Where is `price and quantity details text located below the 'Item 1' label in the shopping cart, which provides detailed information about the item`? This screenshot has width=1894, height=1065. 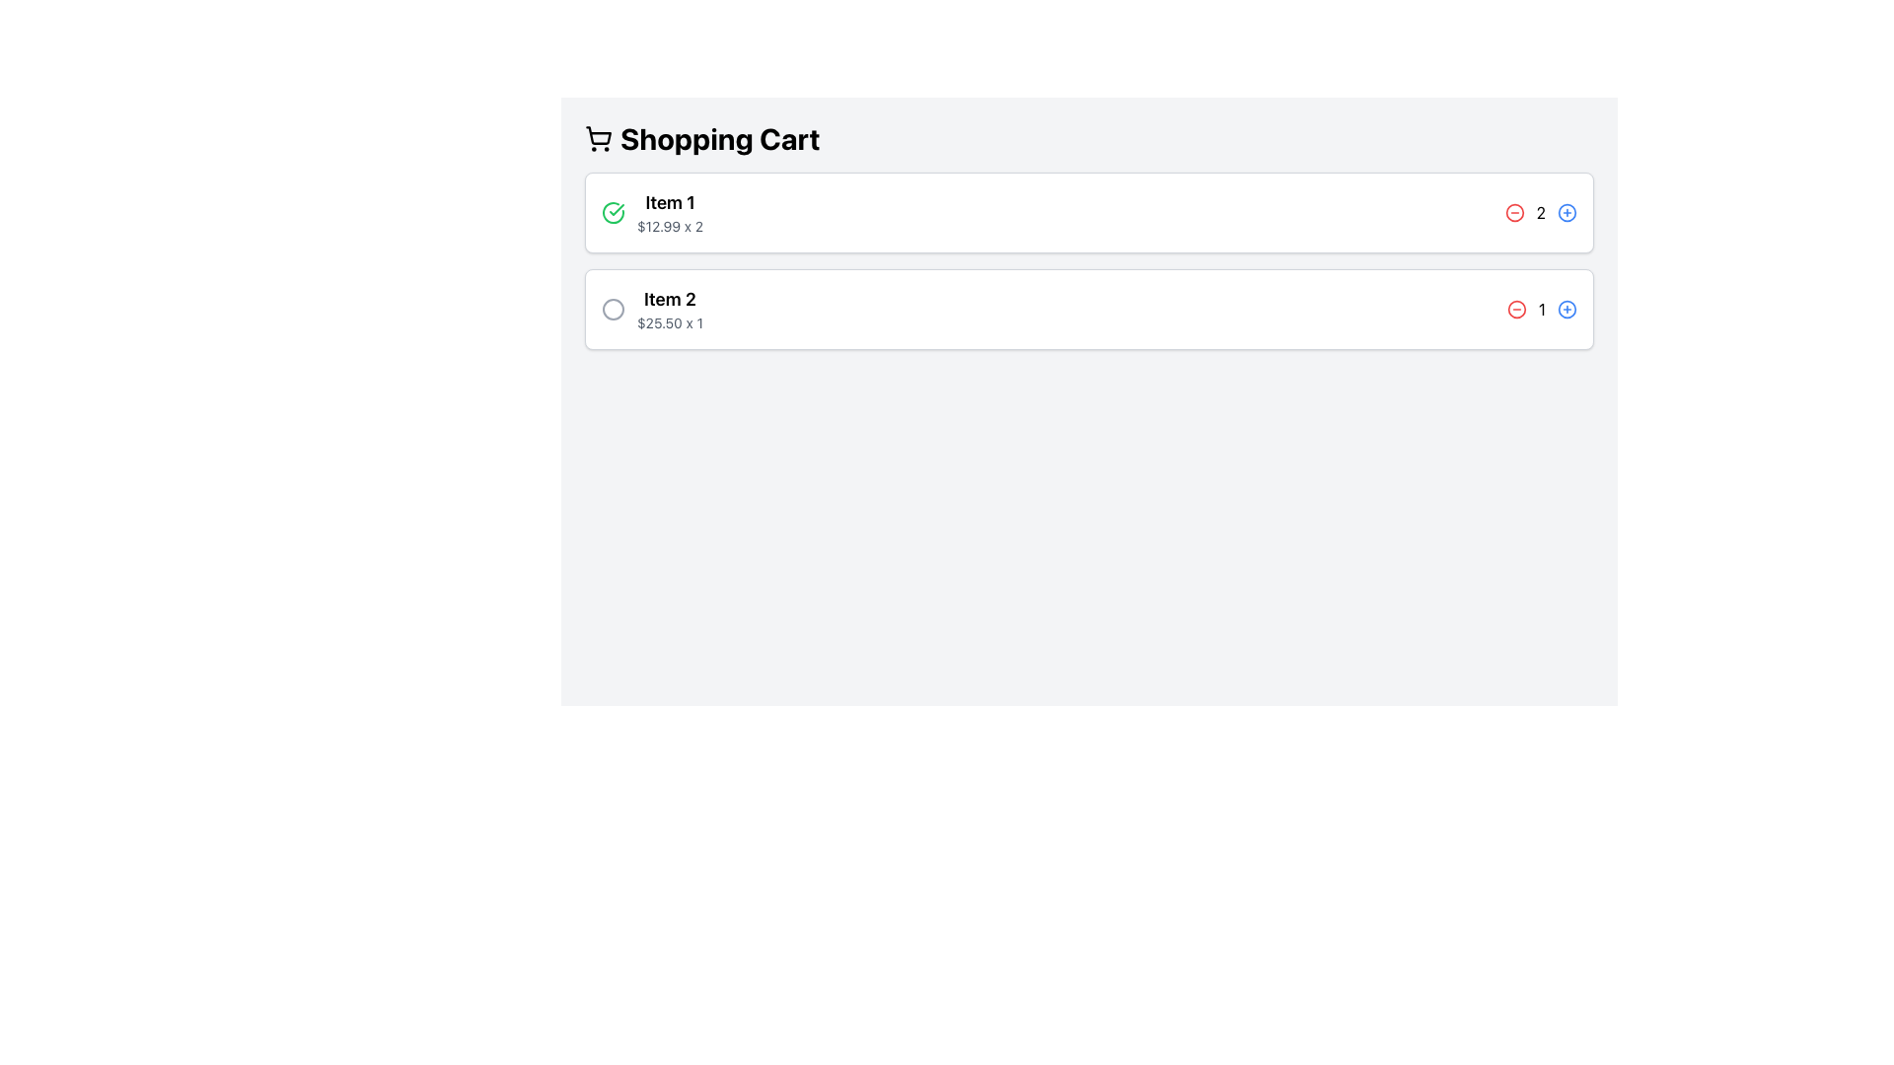 price and quantity details text located below the 'Item 1' label in the shopping cart, which provides detailed information about the item is located at coordinates (670, 226).